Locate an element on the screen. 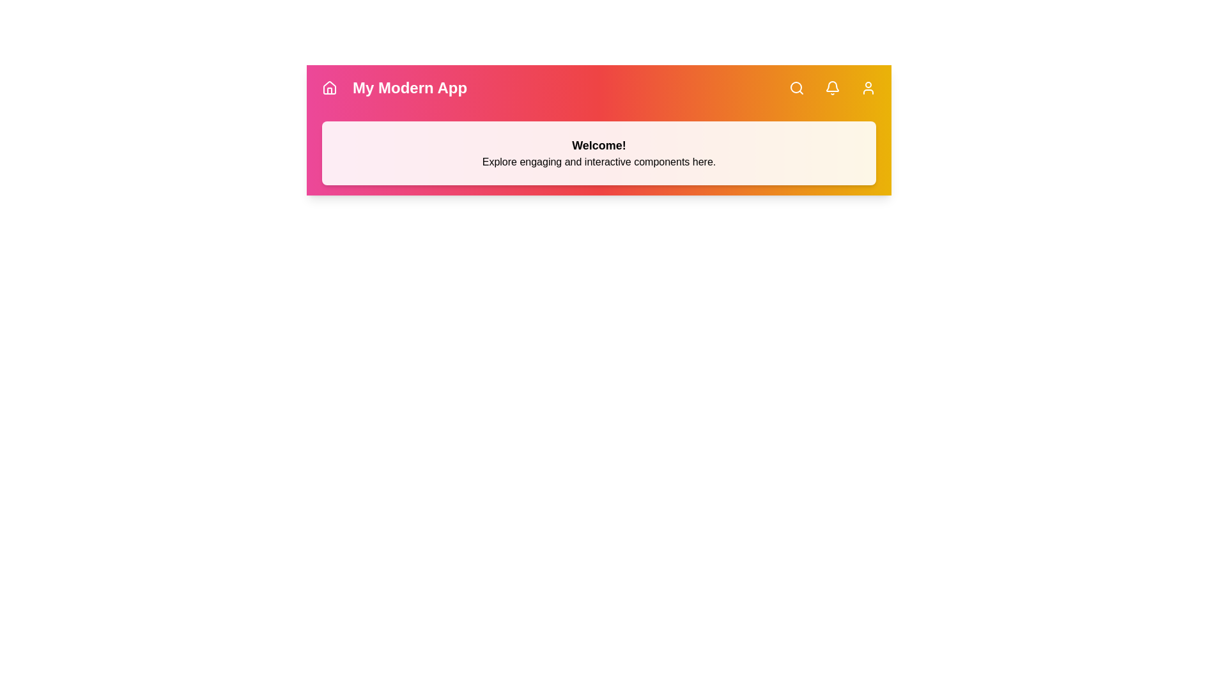  'User Profile' button located in the navigation bar is located at coordinates (868, 88).